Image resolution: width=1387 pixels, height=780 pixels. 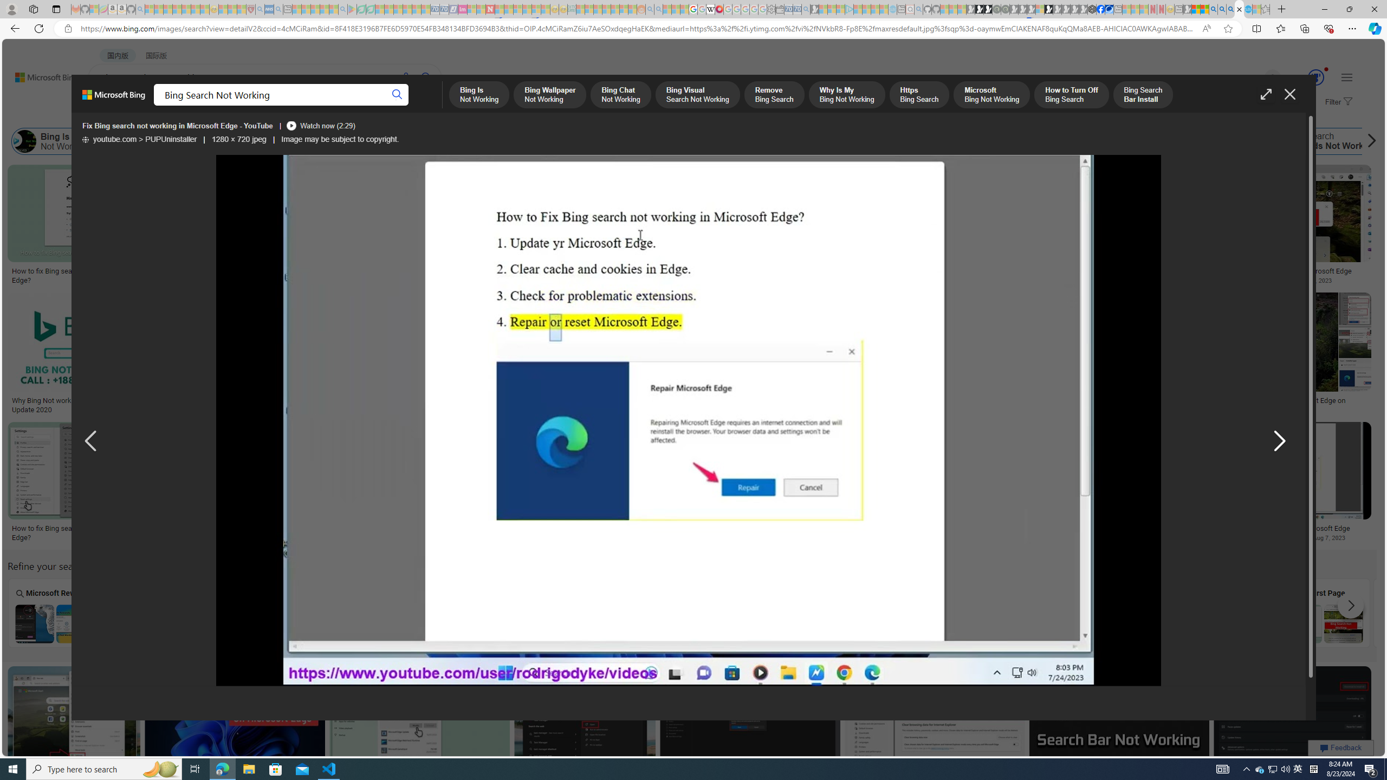 I want to click on 'google - Search - Sleeping', so click(x=342, y=9).